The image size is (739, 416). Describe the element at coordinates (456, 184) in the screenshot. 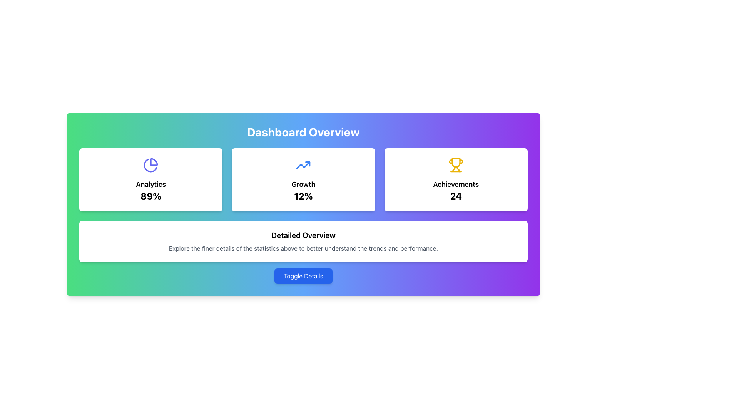

I see `the 'Achievements' text label which is prominently displayed in bold and large font, located centrally in the 'Achievements' panel, positioned between a trophy icon above and the number '24' below` at that location.